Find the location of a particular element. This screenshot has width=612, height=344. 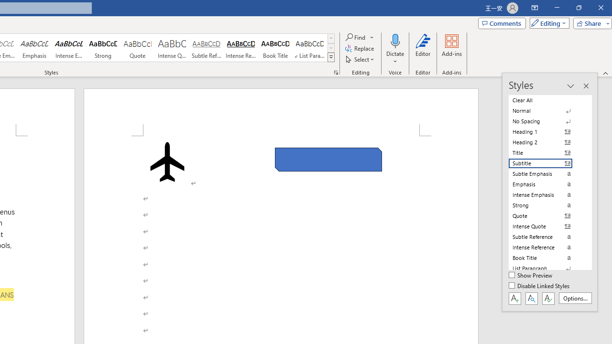

'No Spacing' is located at coordinates (546, 121).